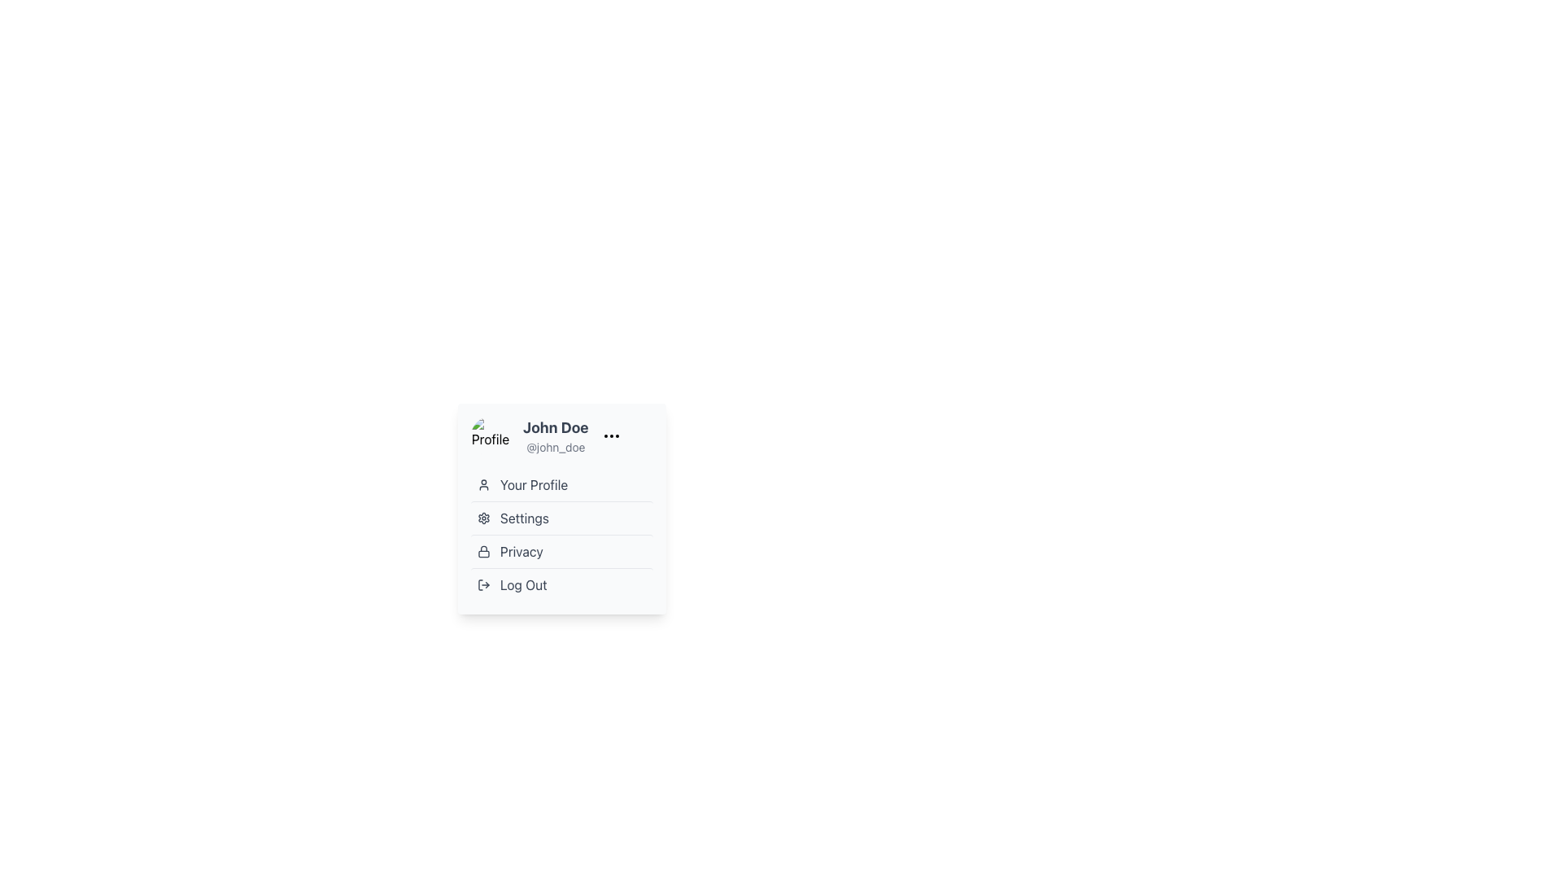 Image resolution: width=1562 pixels, height=879 pixels. What do you see at coordinates (562, 583) in the screenshot?
I see `the logout button located as the last item in the dropdown menu in the bottom right corner to terminate the user's session` at bounding box center [562, 583].